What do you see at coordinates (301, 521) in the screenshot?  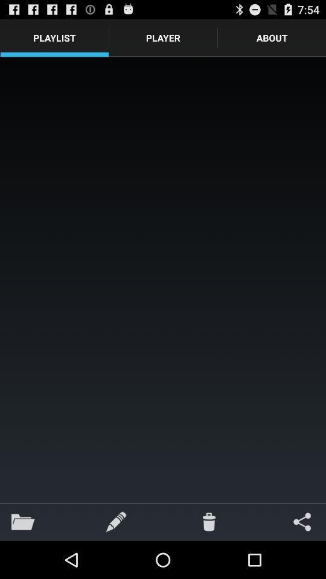 I see `icon at the bottom right corner` at bounding box center [301, 521].